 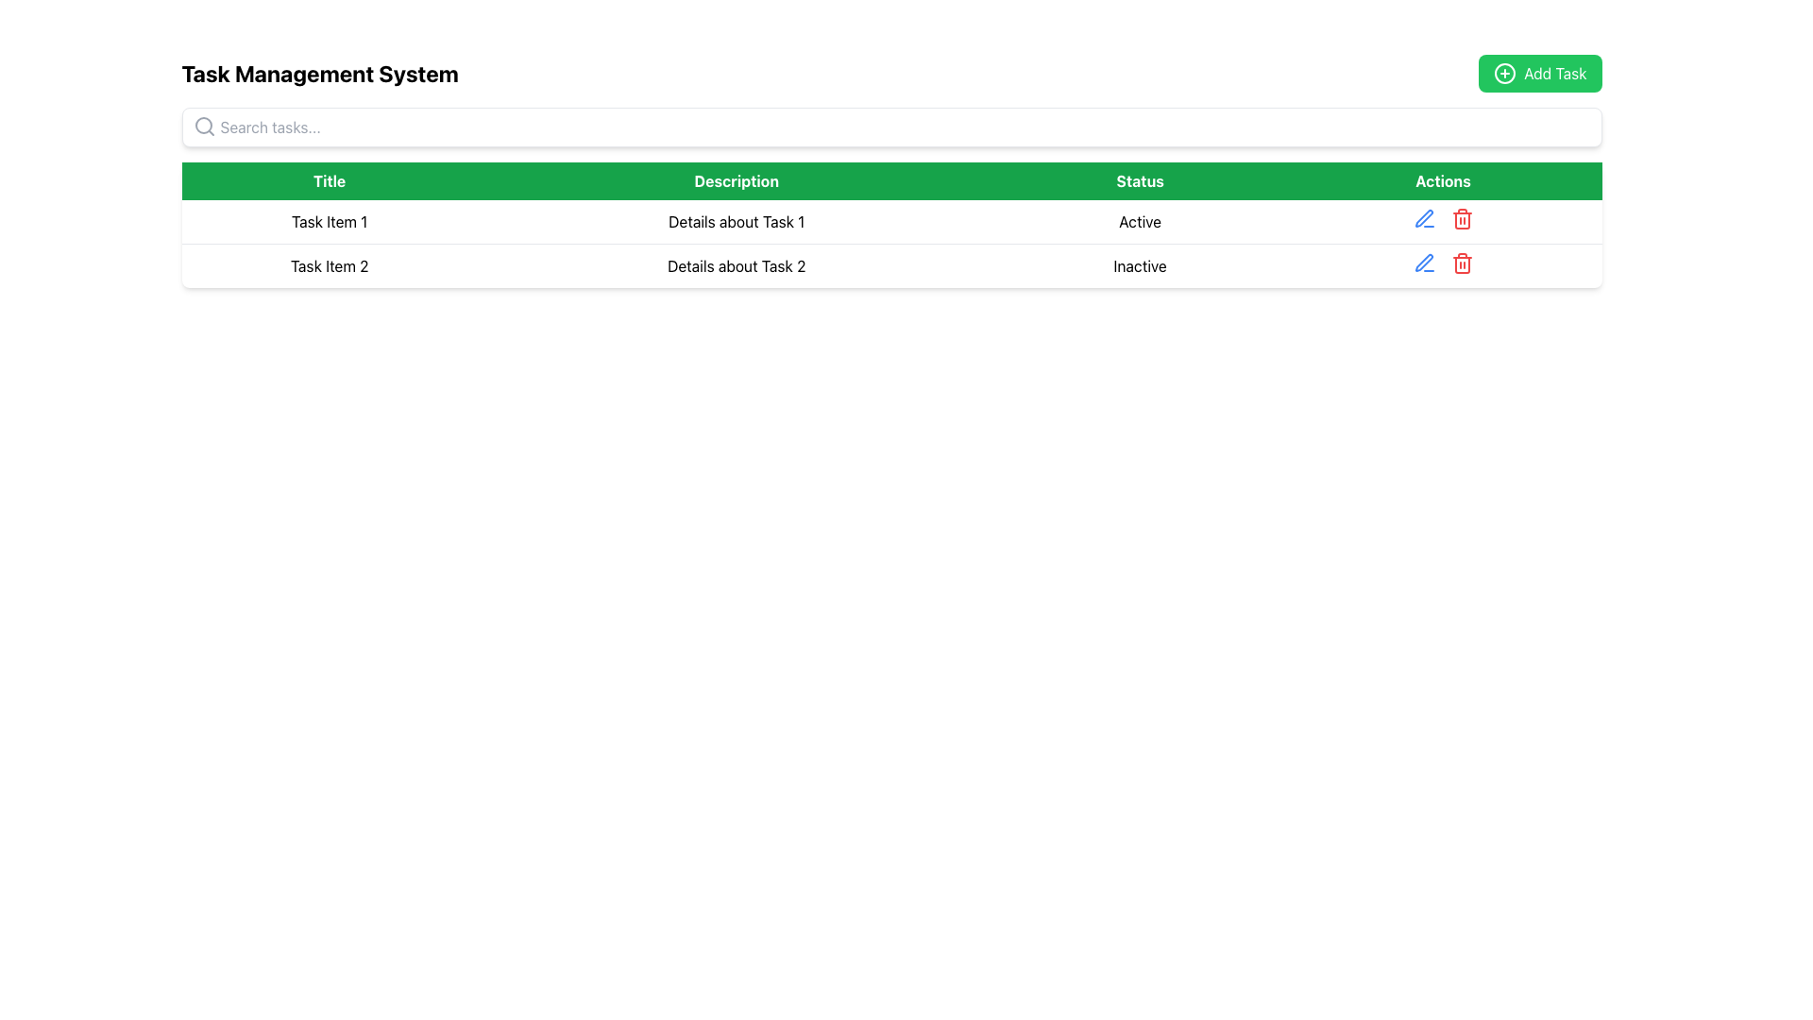 I want to click on the 'Actions' text label in the fourth column header of the table, which has a vibrant green background and white font, so click(x=1442, y=181).